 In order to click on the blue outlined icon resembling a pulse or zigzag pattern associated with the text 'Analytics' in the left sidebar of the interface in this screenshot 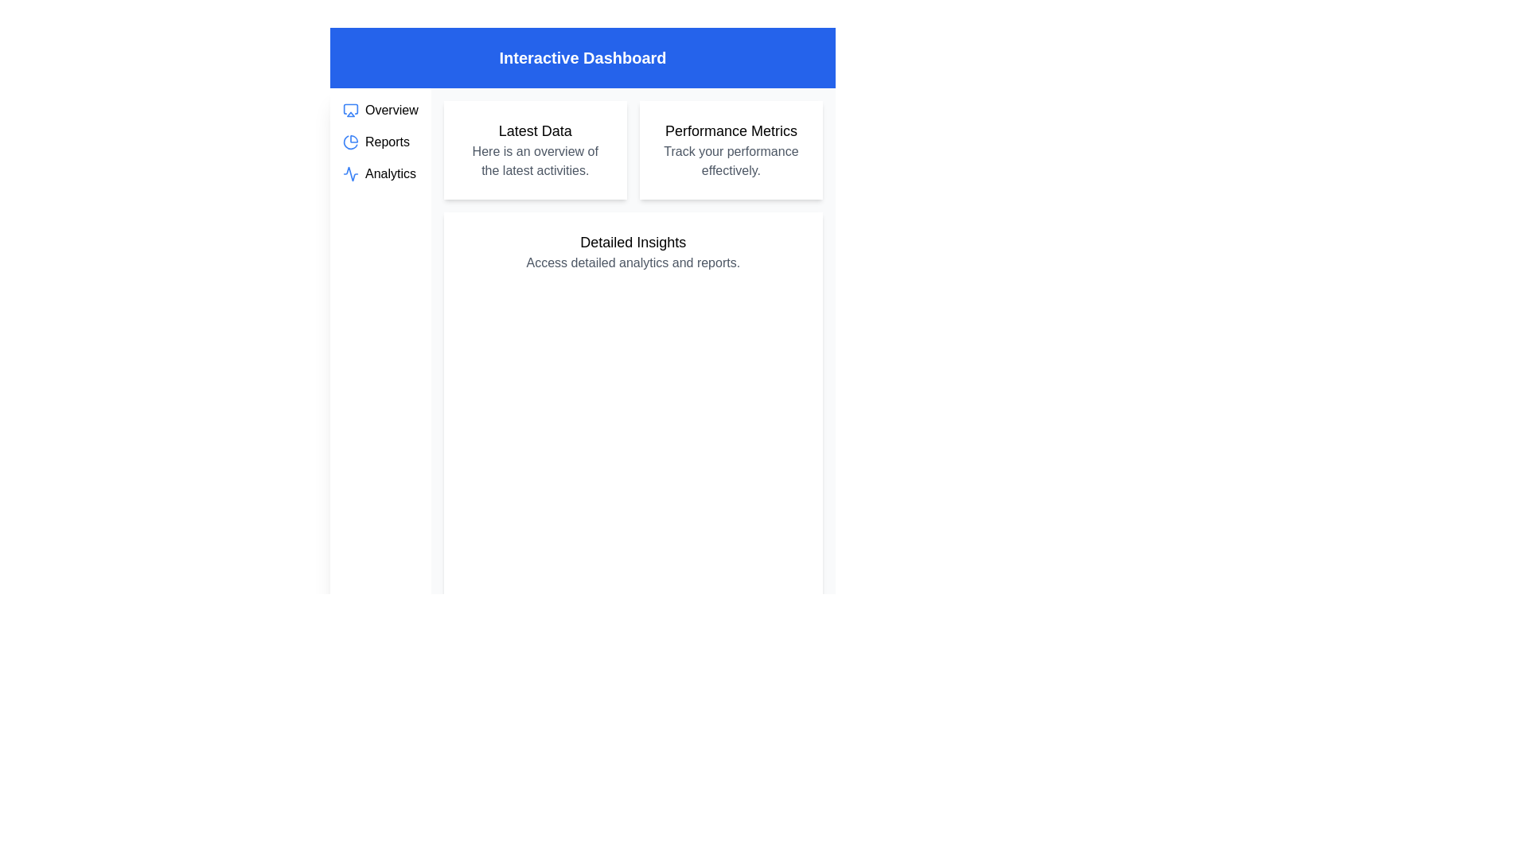, I will do `click(350, 174)`.